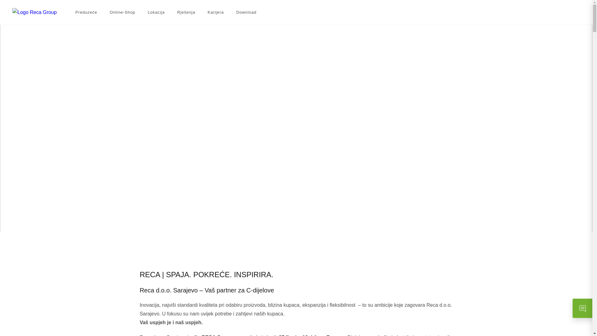 Image resolution: width=597 pixels, height=336 pixels. What do you see at coordinates (236, 12) in the screenshot?
I see `'Download'` at bounding box center [236, 12].